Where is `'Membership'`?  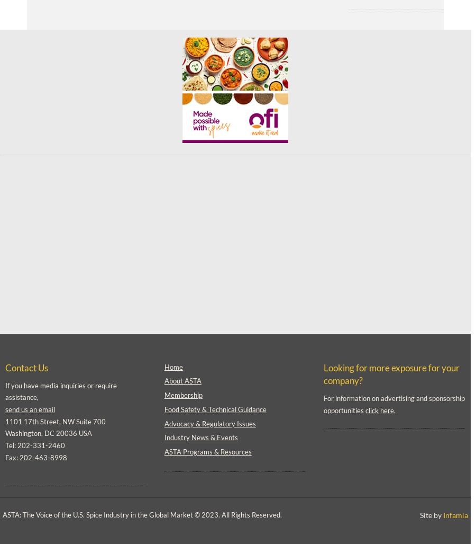
'Membership' is located at coordinates (182, 395).